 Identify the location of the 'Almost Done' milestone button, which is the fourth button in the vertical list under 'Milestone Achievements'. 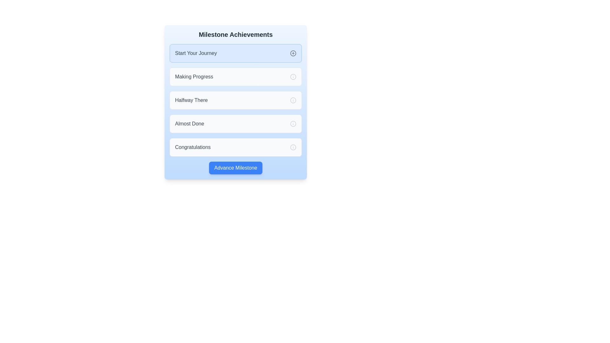
(235, 124).